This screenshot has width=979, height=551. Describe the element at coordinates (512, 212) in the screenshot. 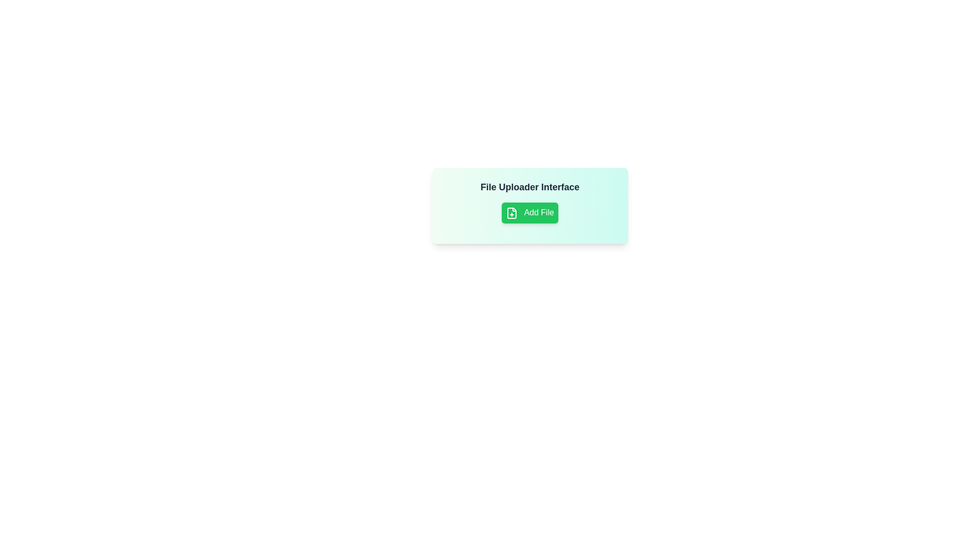

I see `the SVG icon representing 'file with a plus sign' within the green button labeled 'Add File' located at the center of the card's interface` at that location.